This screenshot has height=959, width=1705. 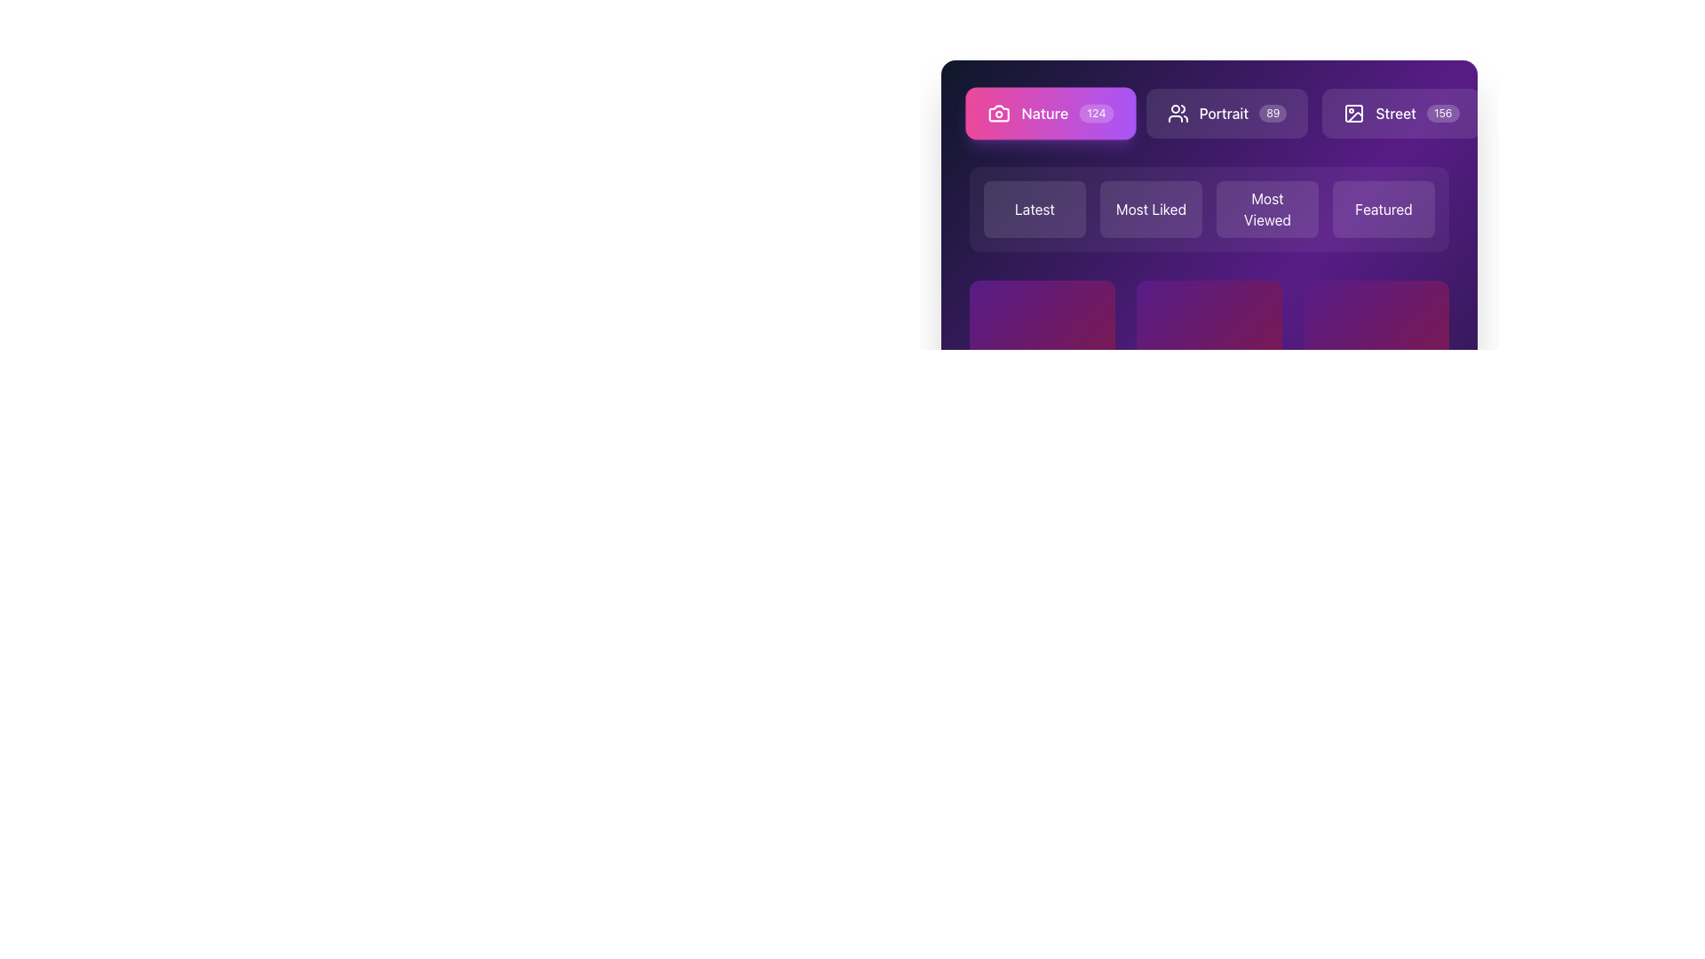 I want to click on the third button from the left in the horizontal button group to filter the displayed content by 'Most Viewed', so click(x=1209, y=194).